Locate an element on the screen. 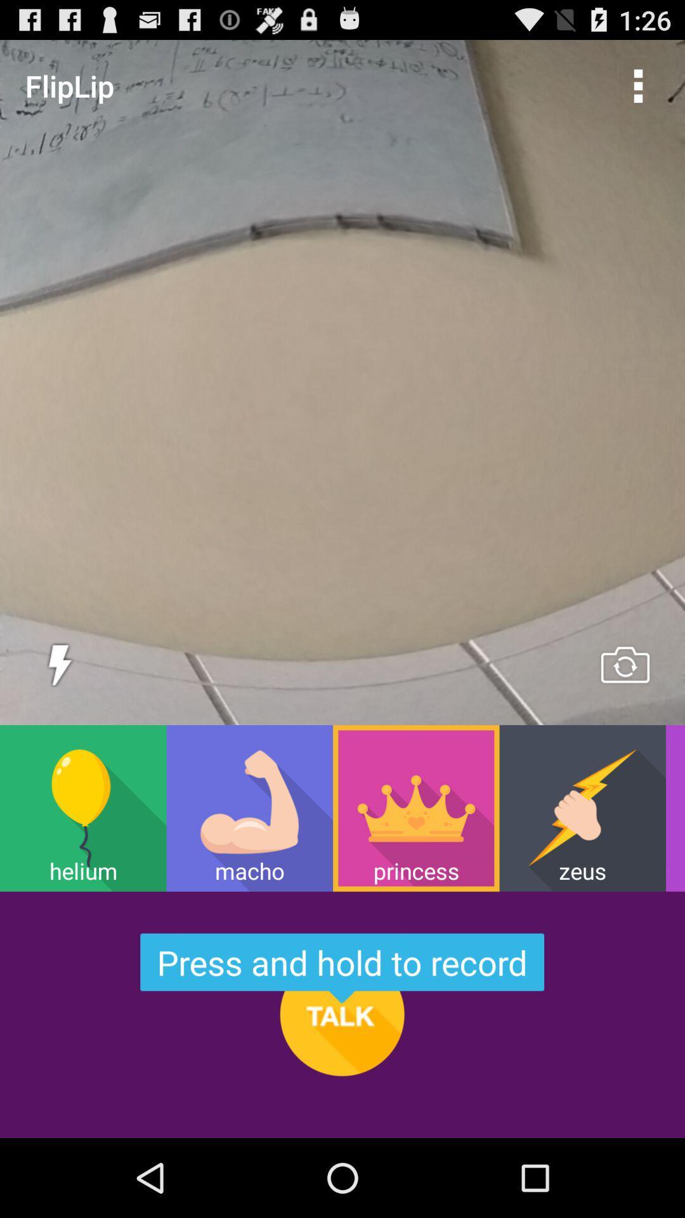 The height and width of the screenshot is (1218, 685). the icon next to the zeus is located at coordinates (416, 808).